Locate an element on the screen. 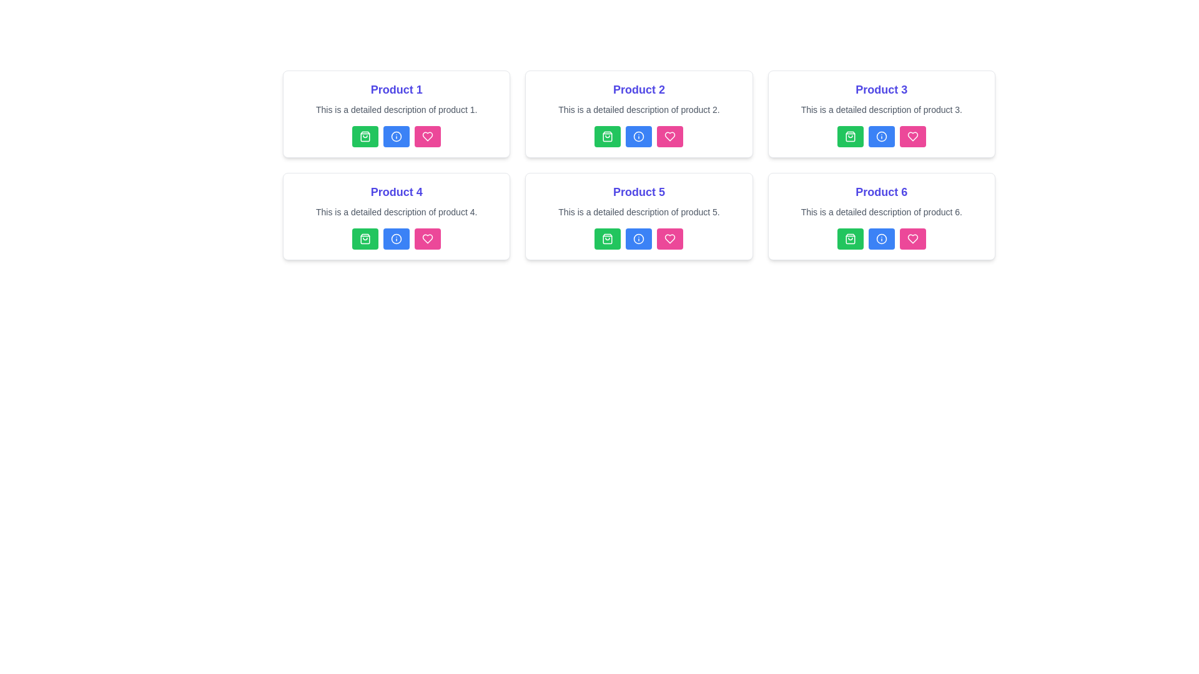 This screenshot has height=674, width=1199. the blue circular button containing the SVG graphical circle element located within the third product card in the upper row of the grid layout is located at coordinates (881, 137).